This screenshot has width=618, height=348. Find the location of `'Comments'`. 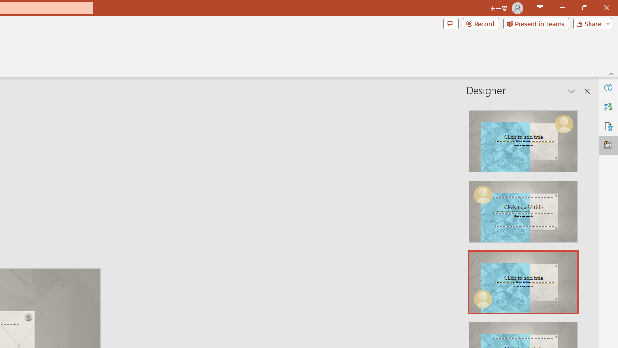

'Comments' is located at coordinates (450, 23).